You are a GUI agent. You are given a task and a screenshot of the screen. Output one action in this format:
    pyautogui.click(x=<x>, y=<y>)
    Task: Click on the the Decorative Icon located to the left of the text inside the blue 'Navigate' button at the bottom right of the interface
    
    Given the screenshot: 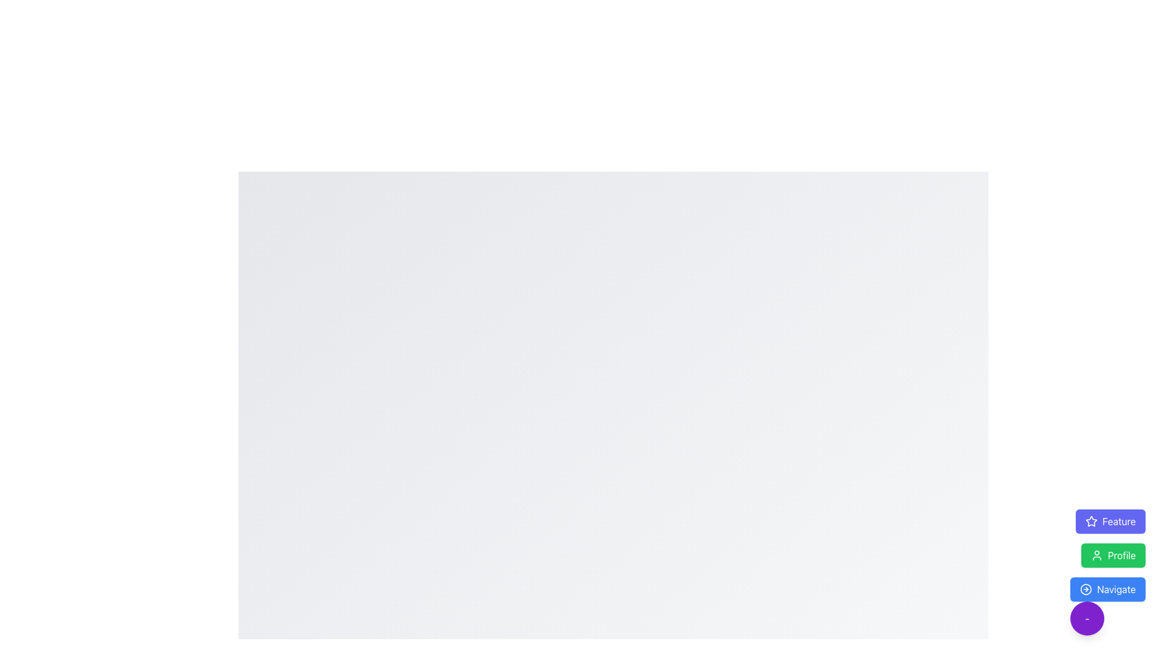 What is the action you would take?
    pyautogui.click(x=1086, y=589)
    